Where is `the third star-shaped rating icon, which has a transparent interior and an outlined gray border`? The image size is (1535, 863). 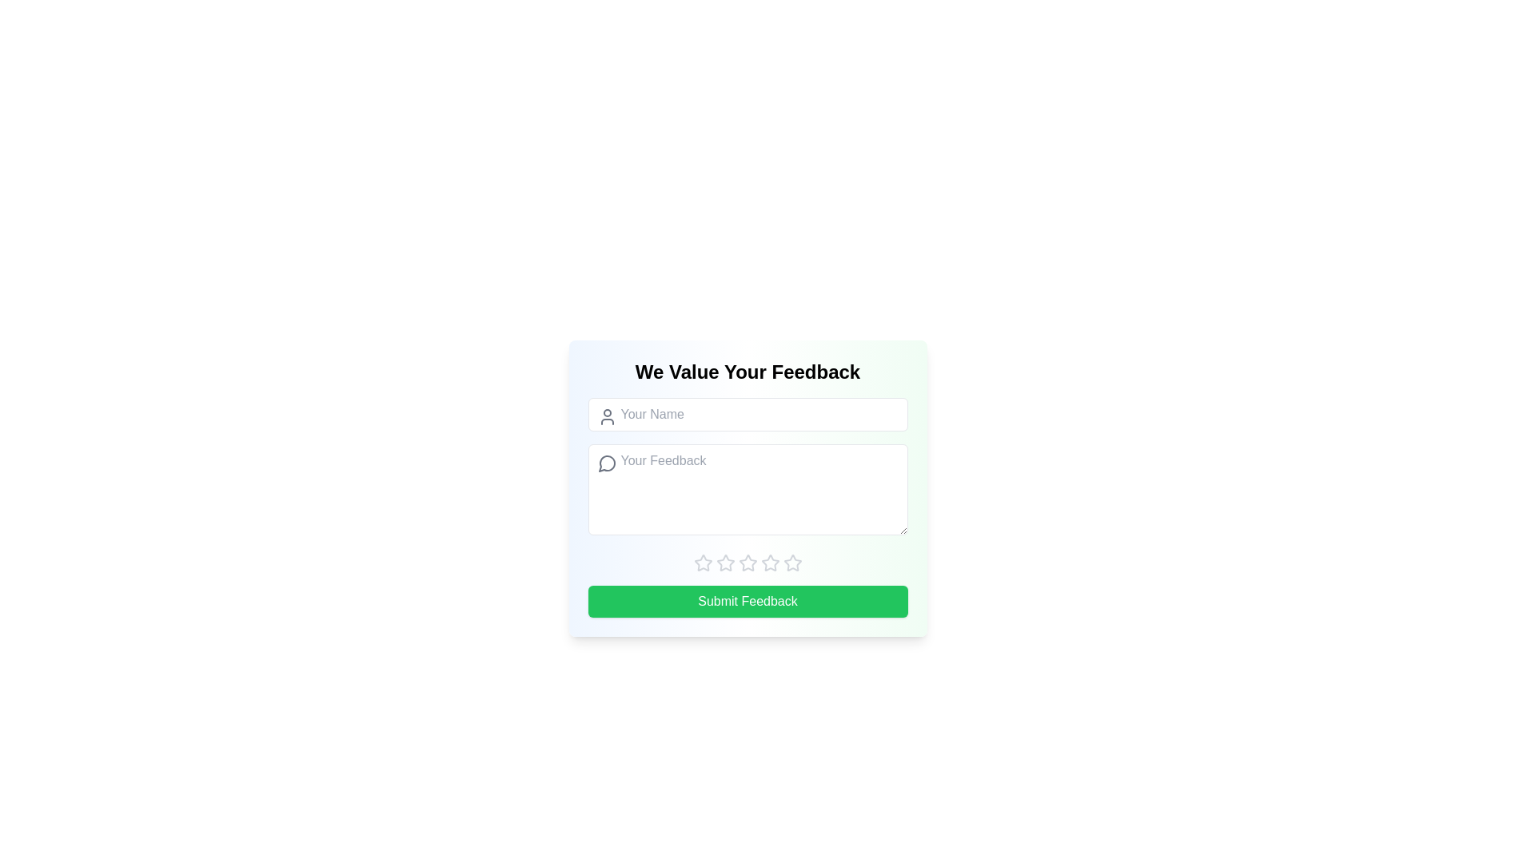 the third star-shaped rating icon, which has a transparent interior and an outlined gray border is located at coordinates (747, 562).